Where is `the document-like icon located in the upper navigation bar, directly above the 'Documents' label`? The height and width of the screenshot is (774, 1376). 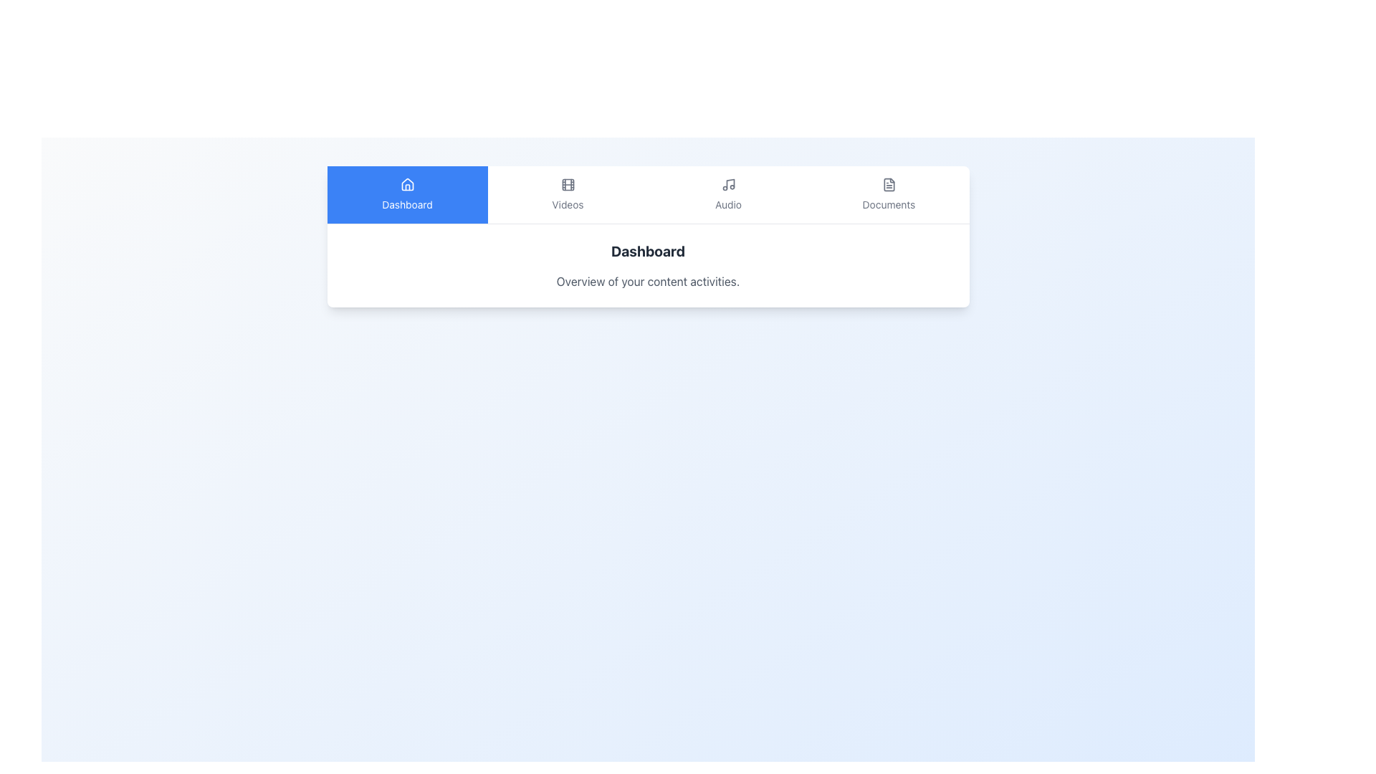 the document-like icon located in the upper navigation bar, directly above the 'Documents' label is located at coordinates (888, 184).